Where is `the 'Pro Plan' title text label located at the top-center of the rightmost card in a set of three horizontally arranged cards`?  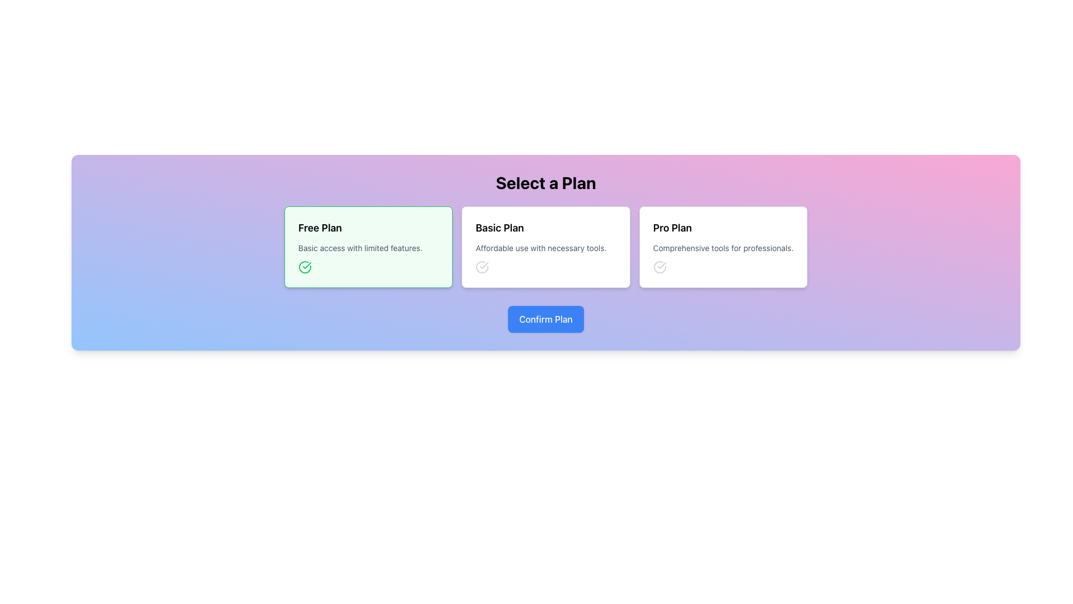 the 'Pro Plan' title text label located at the top-center of the rightmost card in a set of three horizontally arranged cards is located at coordinates (672, 228).